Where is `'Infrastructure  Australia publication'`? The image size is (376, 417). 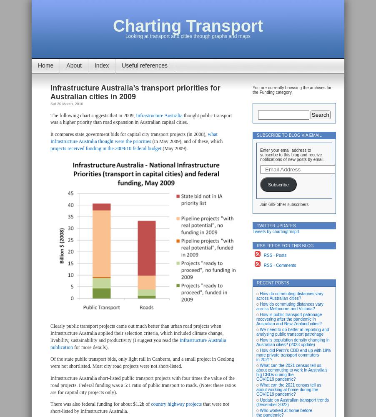
'Infrastructure  Australia publication' is located at coordinates (138, 343).